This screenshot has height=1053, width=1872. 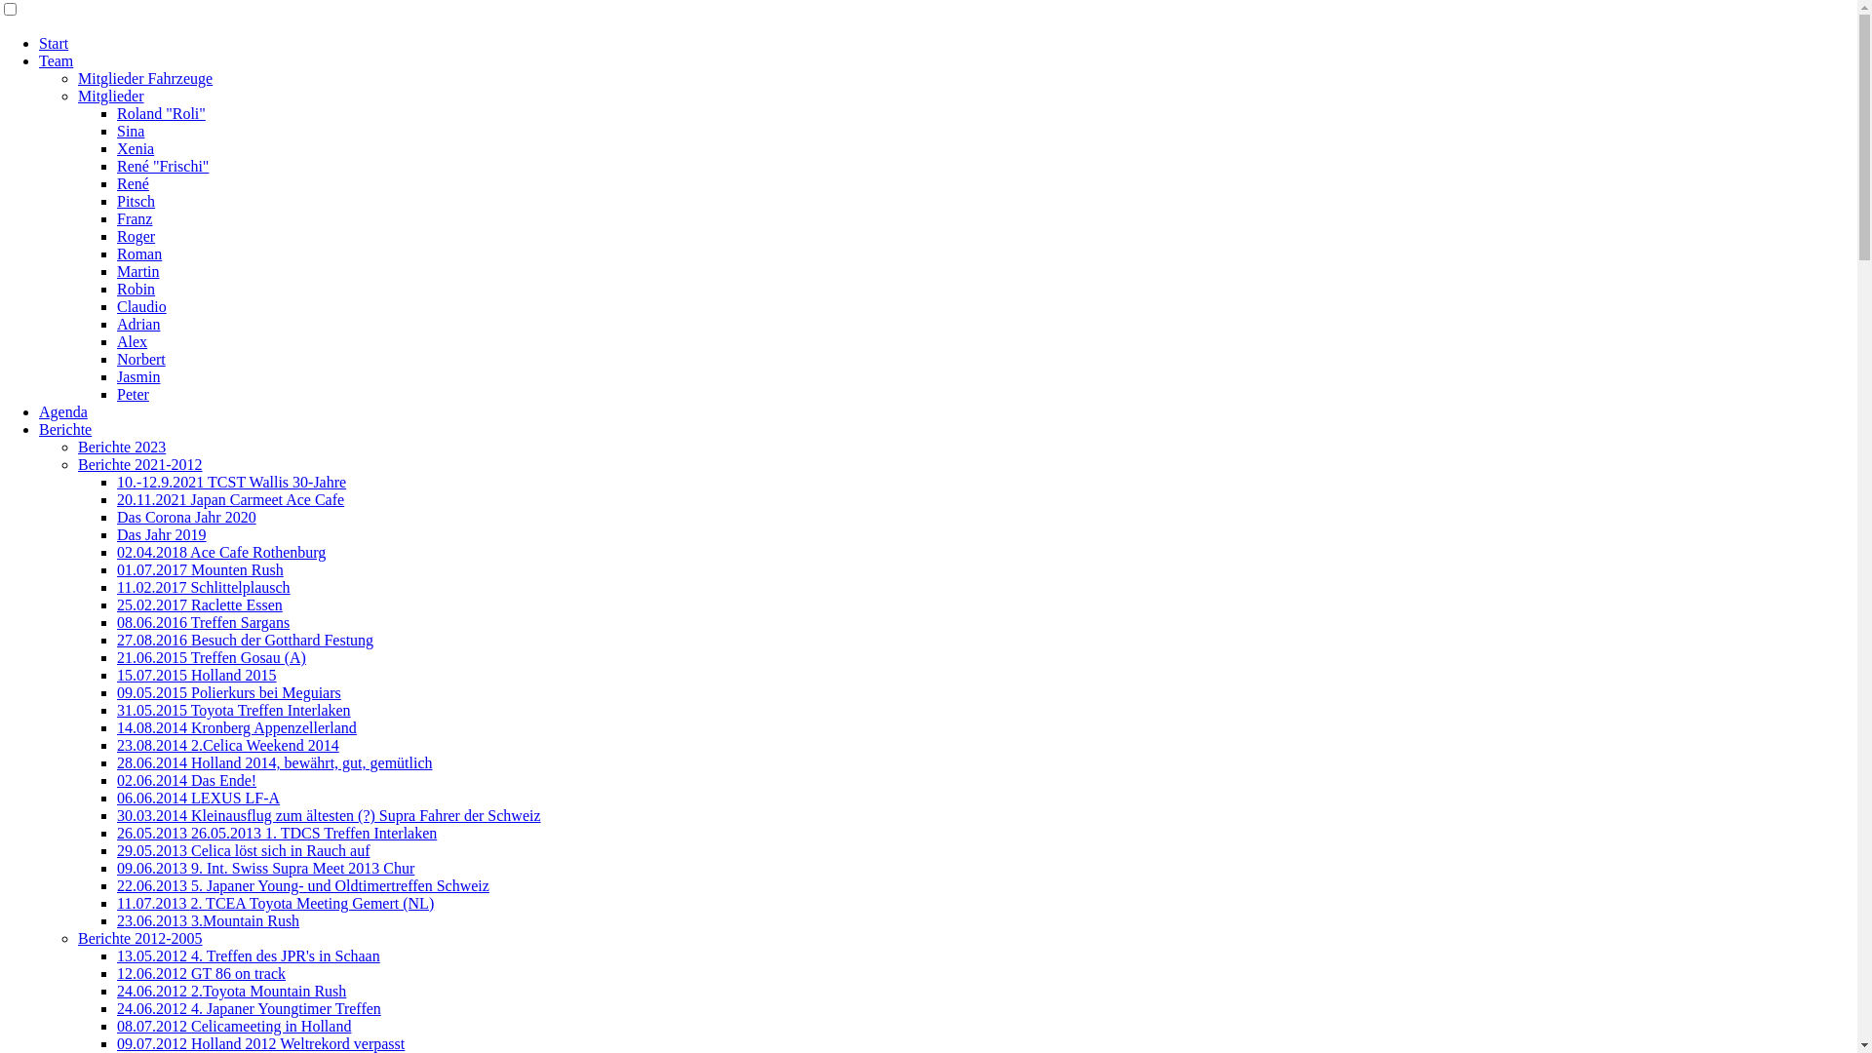 What do you see at coordinates (203, 622) in the screenshot?
I see `'08.06.2016 Treffen Sargans'` at bounding box center [203, 622].